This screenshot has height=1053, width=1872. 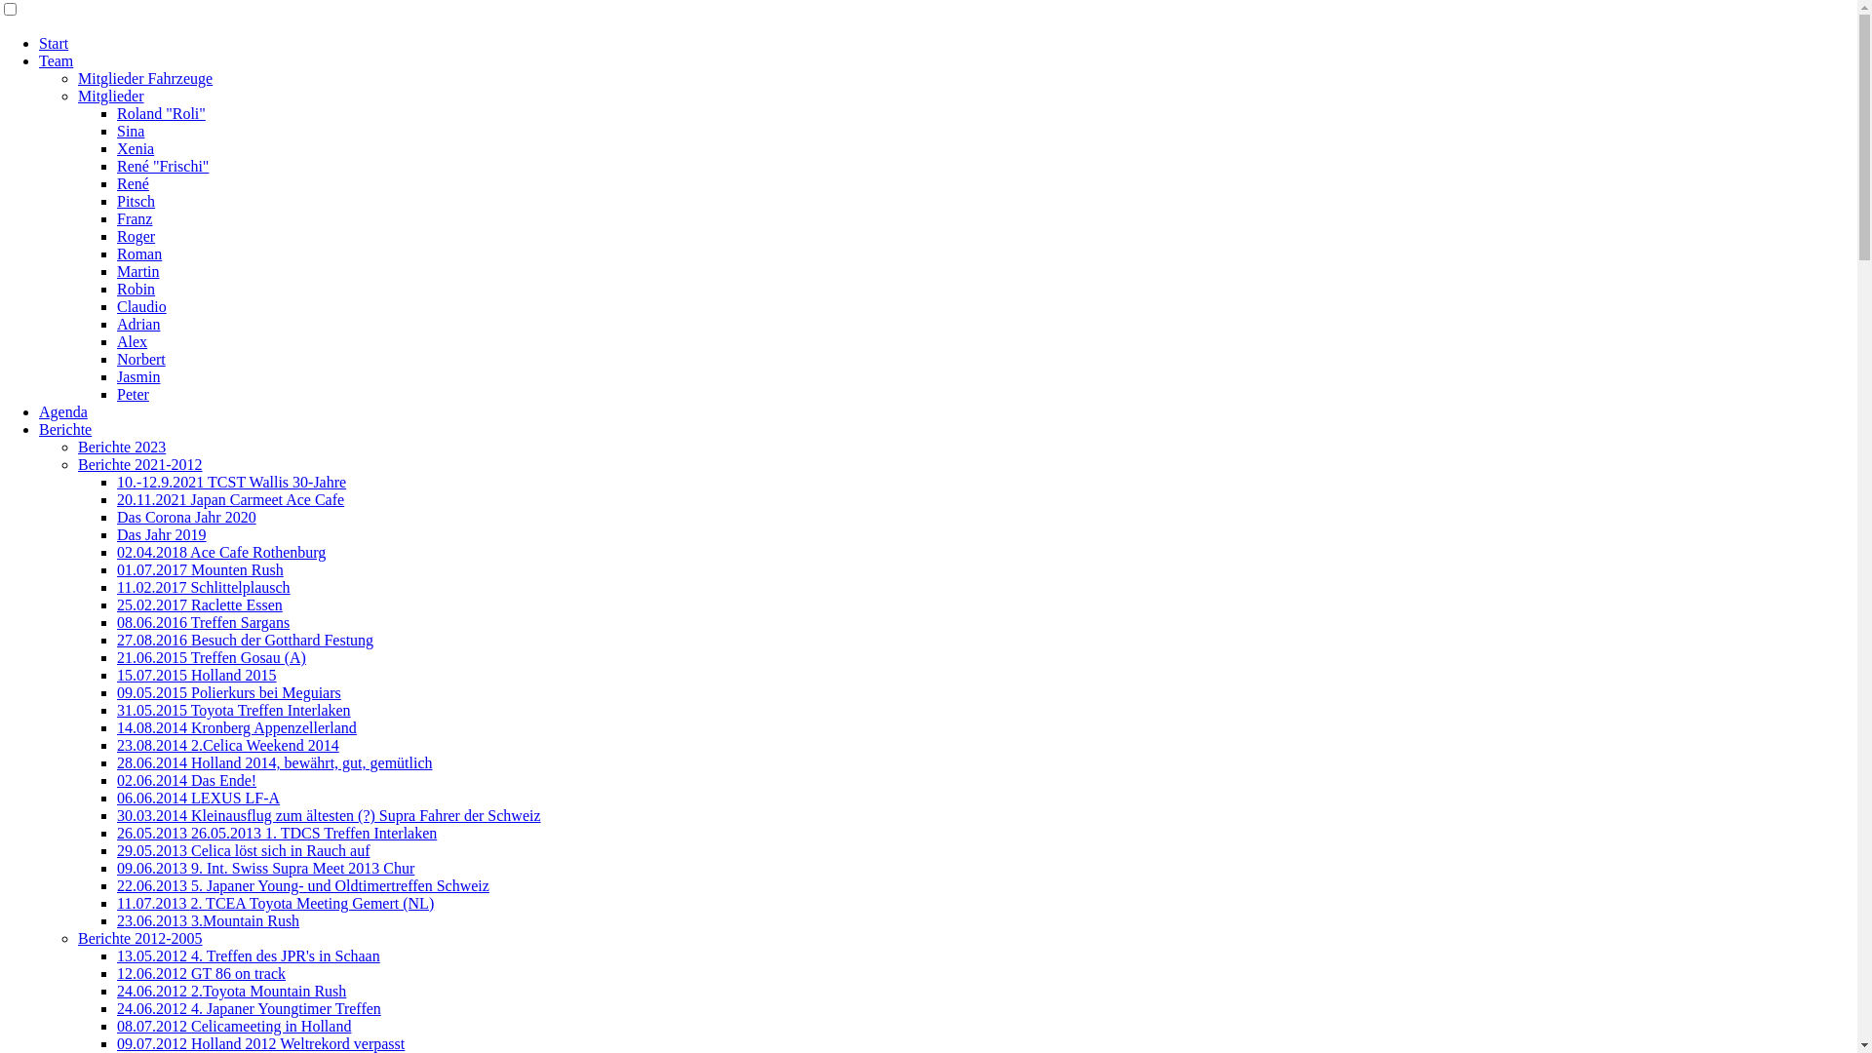 What do you see at coordinates (203, 622) in the screenshot?
I see `'08.06.2016 Treffen Sargans'` at bounding box center [203, 622].